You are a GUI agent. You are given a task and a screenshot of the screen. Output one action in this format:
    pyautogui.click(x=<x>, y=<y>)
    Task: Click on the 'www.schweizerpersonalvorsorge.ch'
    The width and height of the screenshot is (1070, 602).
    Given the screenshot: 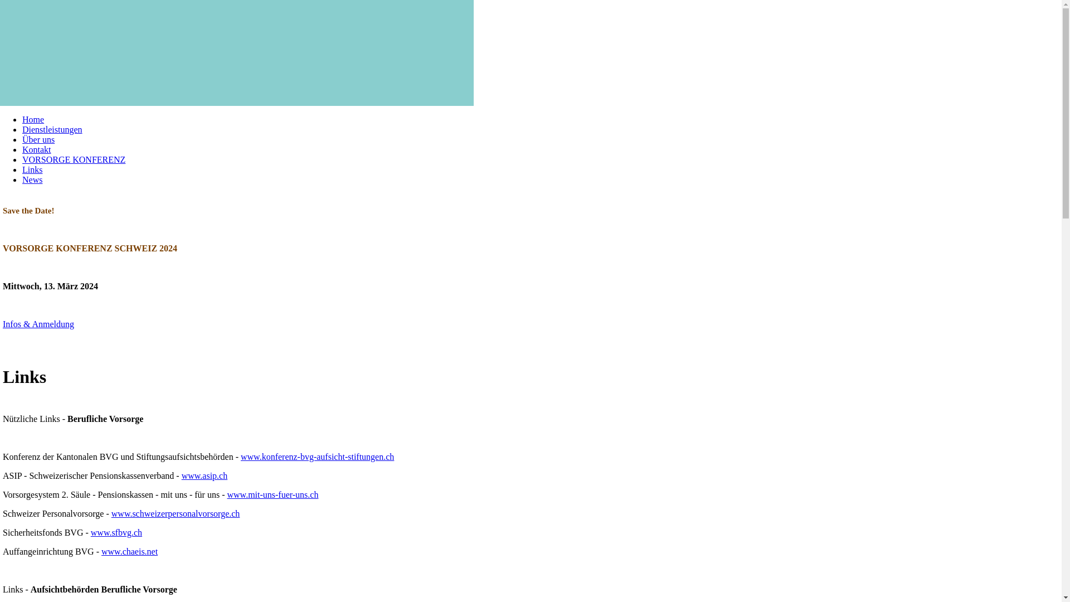 What is the action you would take?
    pyautogui.click(x=111, y=513)
    